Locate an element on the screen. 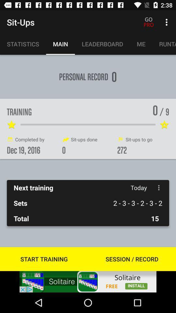 The image size is (176, 313). advertisement for solitaire app is located at coordinates (88, 281).